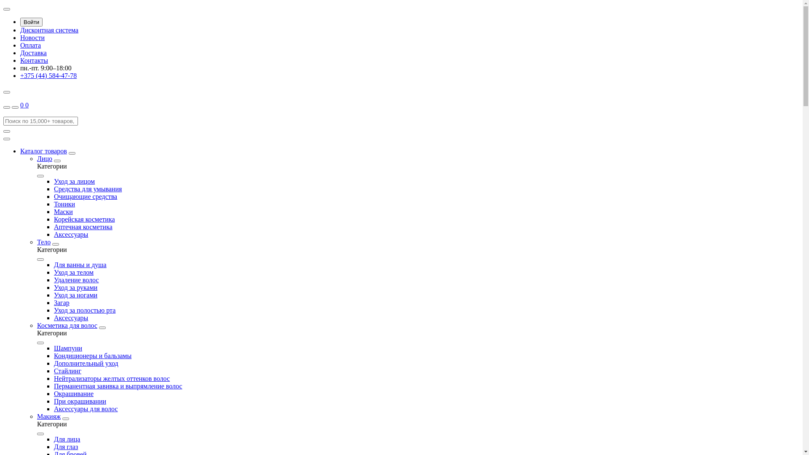 The height and width of the screenshot is (455, 809). I want to click on '+375 (44) 584-47-78', so click(48, 75).